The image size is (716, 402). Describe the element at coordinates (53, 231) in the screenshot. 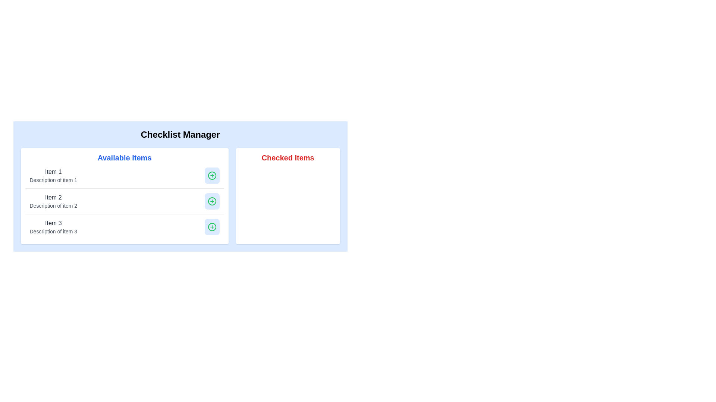

I see `the text label that reads 'Description of item 3', which is styled in gray and located beneath the 'Item 3' heading in the 'Available Items' group` at that location.